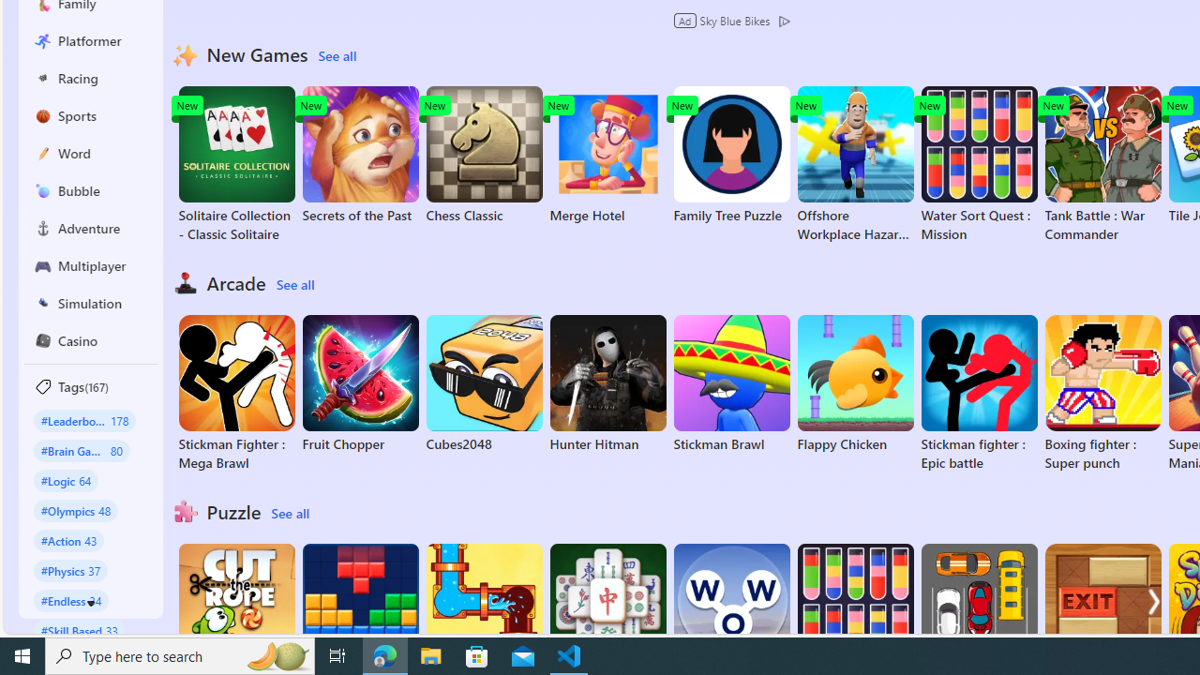 This screenshot has height=675, width=1200. What do you see at coordinates (854, 383) in the screenshot?
I see `'Flappy Chicken'` at bounding box center [854, 383].